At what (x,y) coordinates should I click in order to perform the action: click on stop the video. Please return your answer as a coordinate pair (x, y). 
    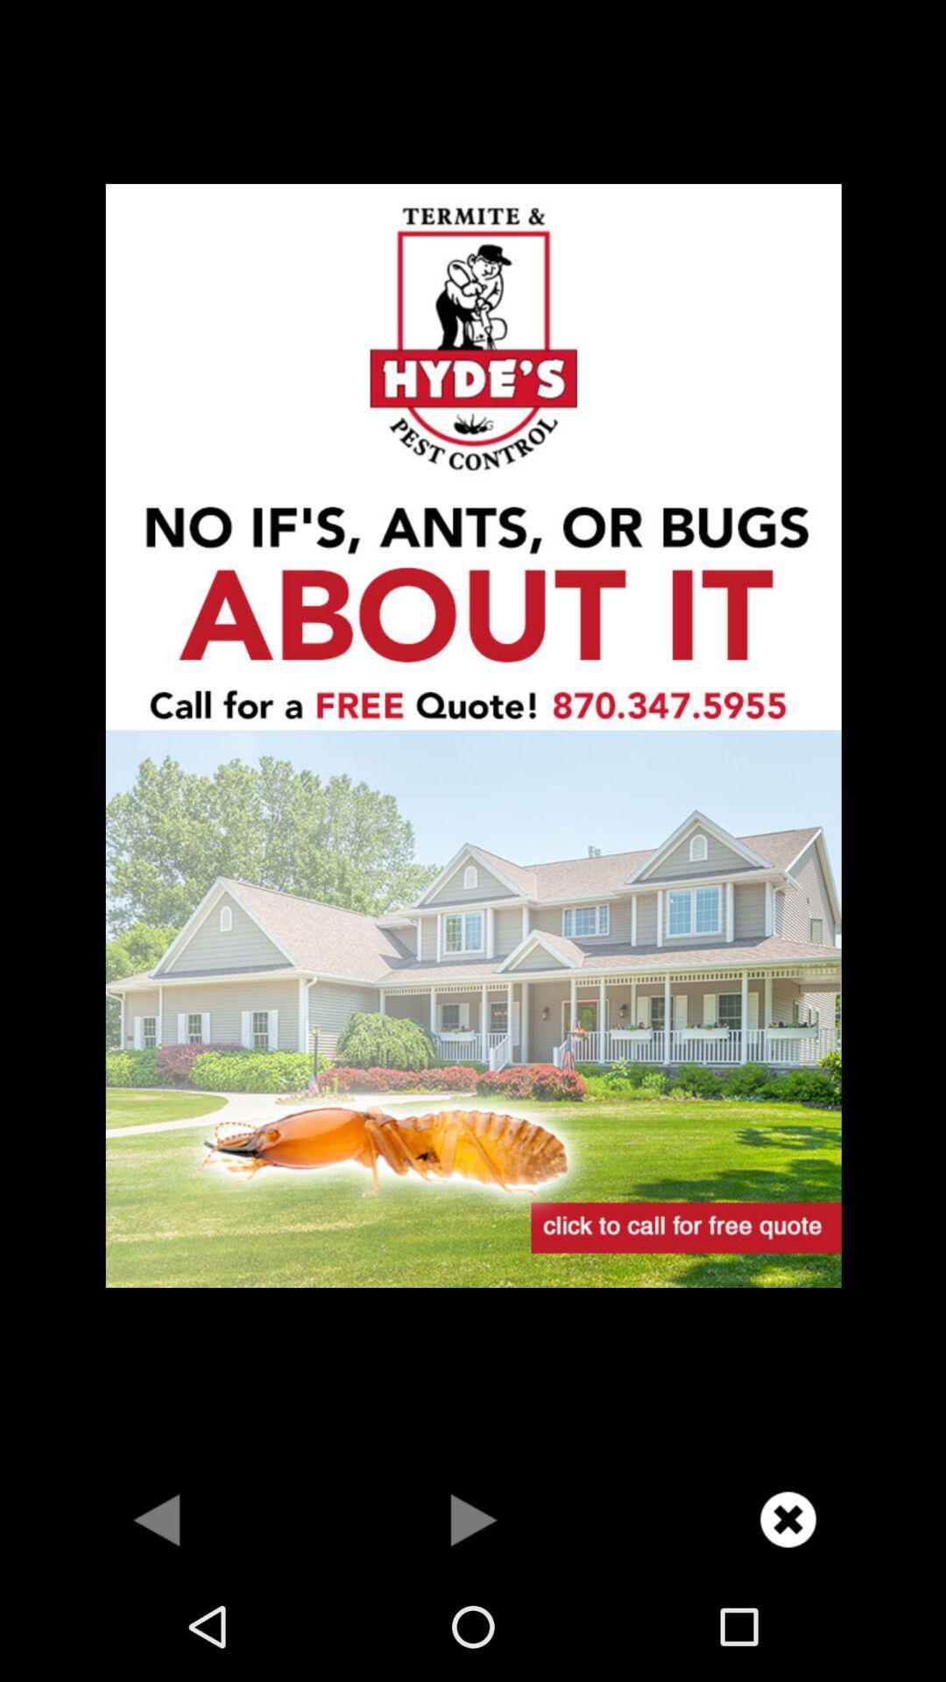
    Looking at the image, I should click on (787, 1518).